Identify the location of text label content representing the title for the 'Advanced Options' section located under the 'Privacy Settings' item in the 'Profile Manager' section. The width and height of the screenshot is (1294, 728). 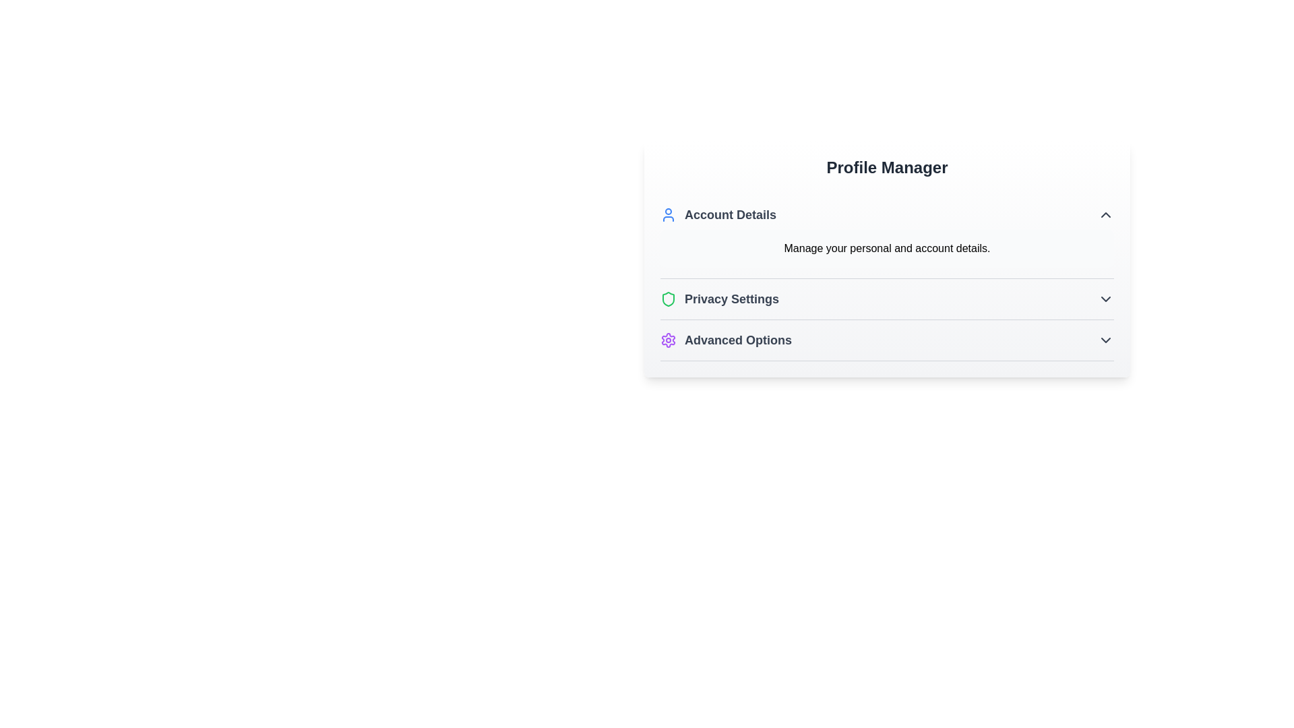
(737, 340).